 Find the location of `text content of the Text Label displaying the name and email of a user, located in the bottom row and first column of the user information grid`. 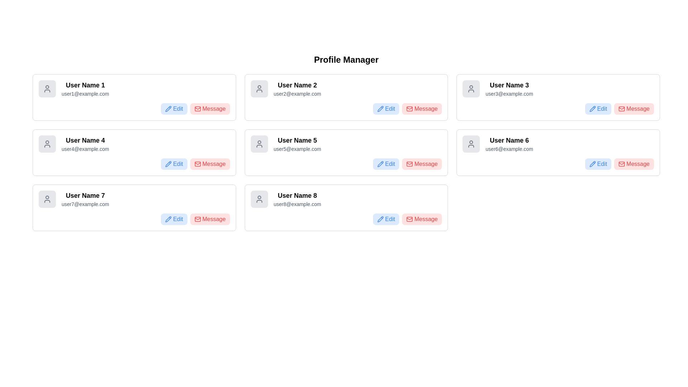

text content of the Text Label displaying the name and email of a user, located in the bottom row and first column of the user information grid is located at coordinates (85, 199).